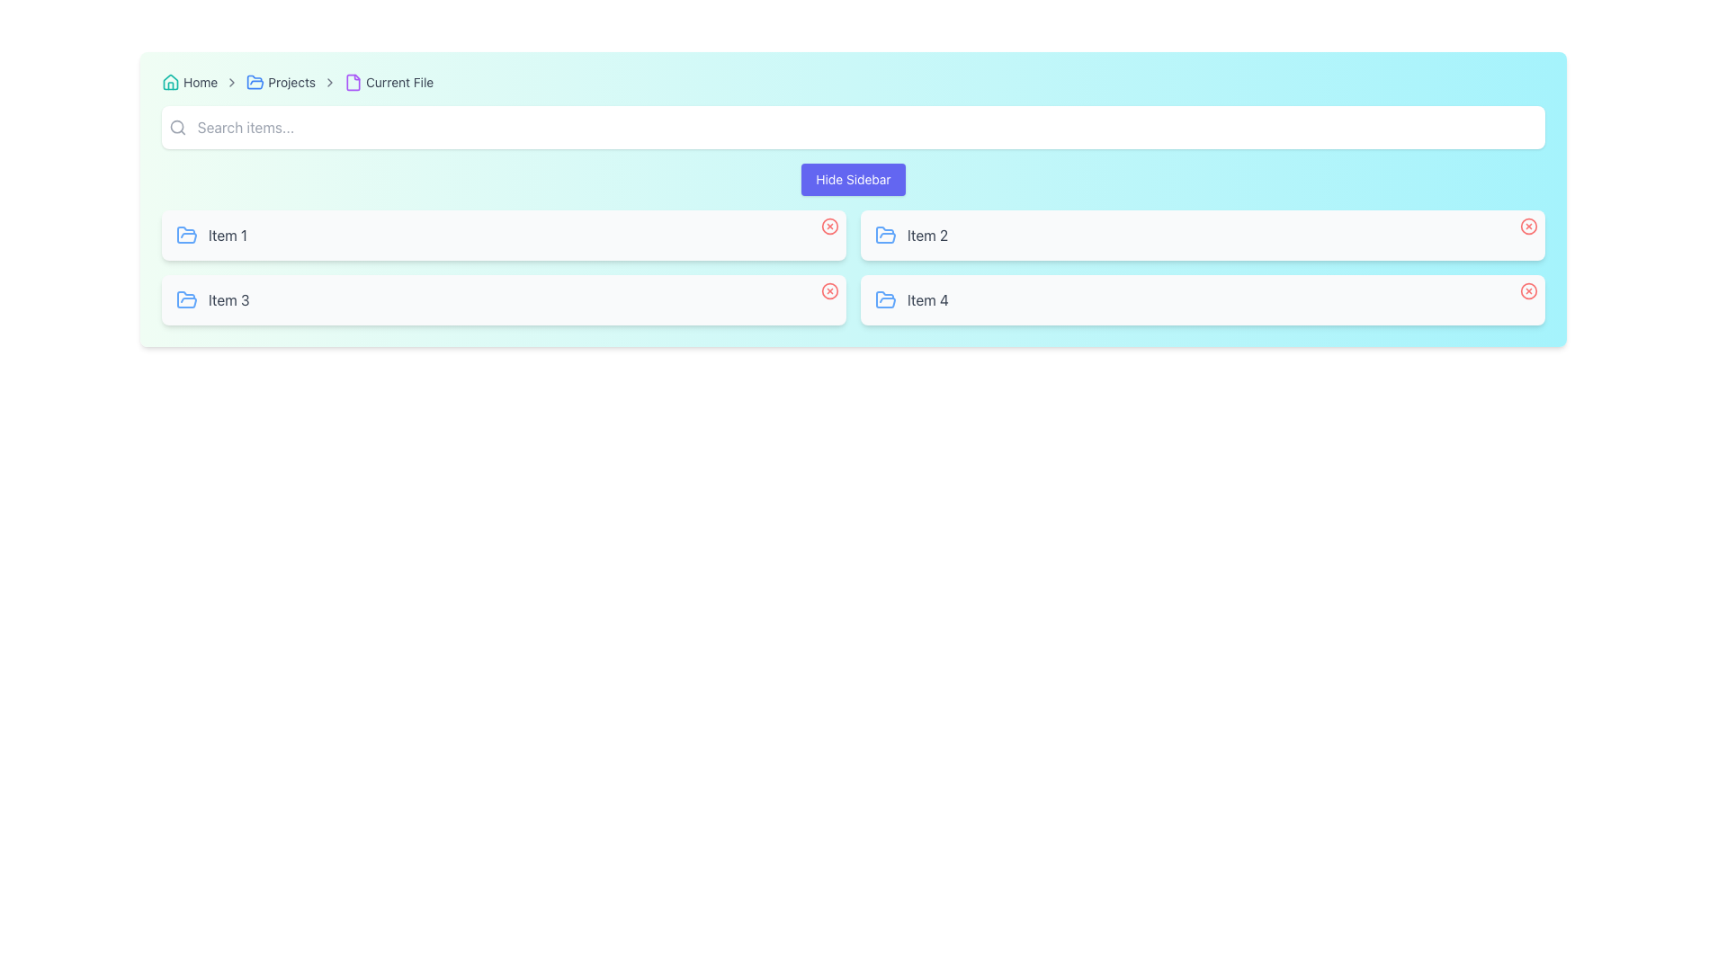  Describe the element at coordinates (228, 299) in the screenshot. I see `the text label for 'Item 3'` at that location.